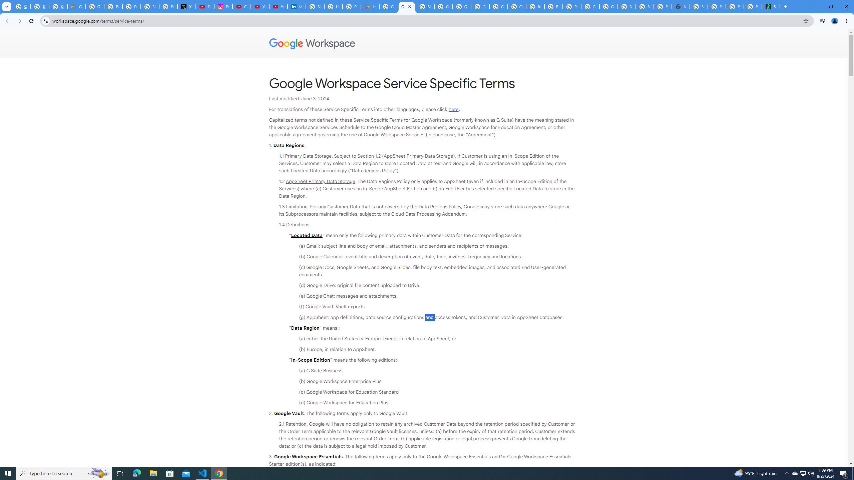  What do you see at coordinates (835, 21) in the screenshot?
I see `'You'` at bounding box center [835, 21].